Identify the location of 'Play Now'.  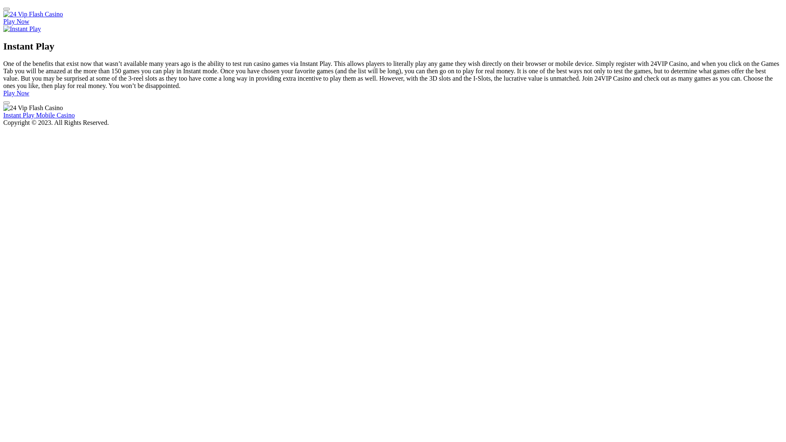
(3, 92).